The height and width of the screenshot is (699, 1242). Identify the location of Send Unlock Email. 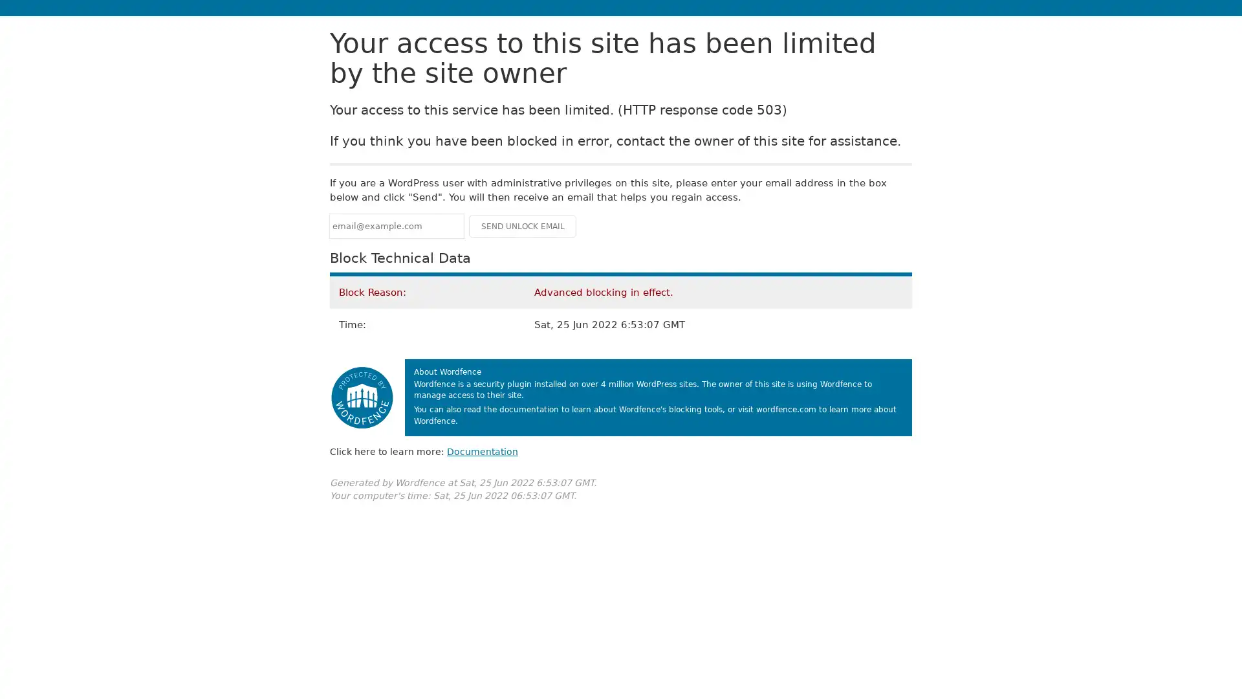
(522, 225).